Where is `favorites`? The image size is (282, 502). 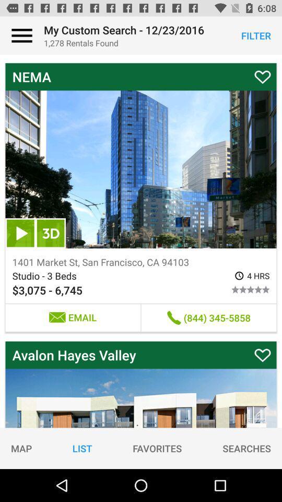 favorites is located at coordinates (157, 448).